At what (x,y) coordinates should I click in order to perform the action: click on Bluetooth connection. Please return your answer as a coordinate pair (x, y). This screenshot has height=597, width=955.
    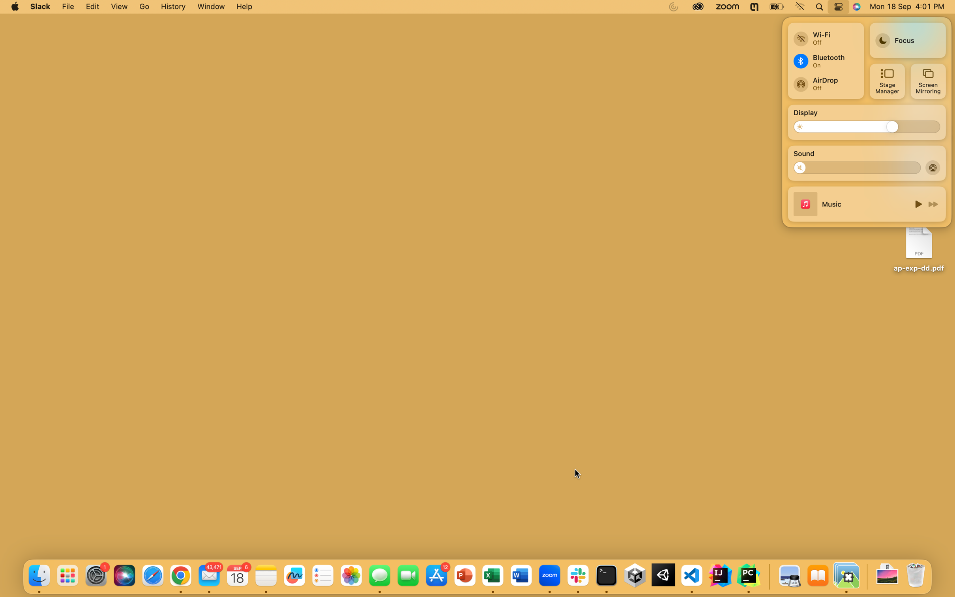
    Looking at the image, I should click on (824, 60).